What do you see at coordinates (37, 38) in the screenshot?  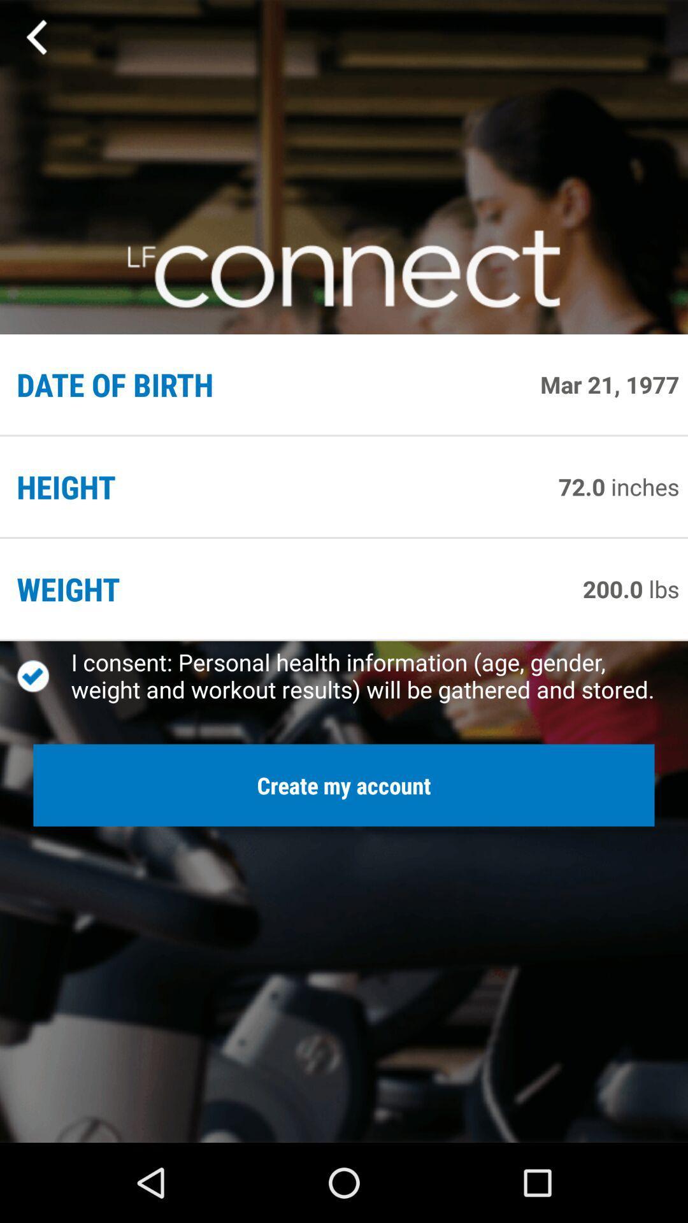 I see `go back` at bounding box center [37, 38].